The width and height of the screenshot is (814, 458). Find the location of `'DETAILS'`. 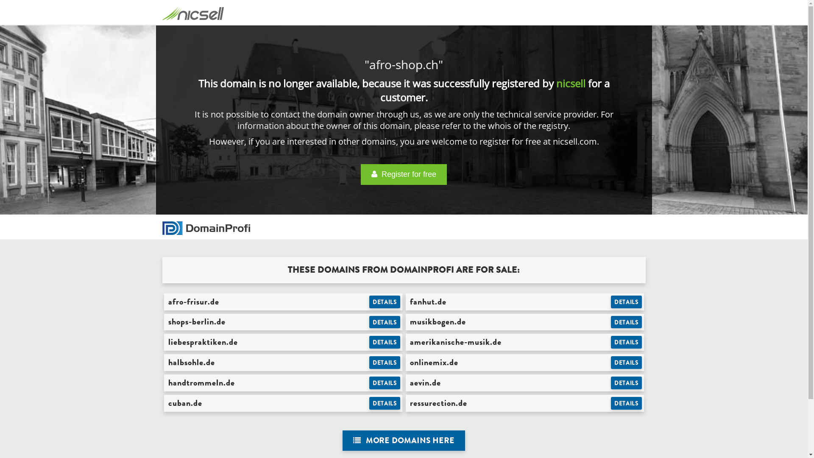

'DETAILS' is located at coordinates (384, 403).